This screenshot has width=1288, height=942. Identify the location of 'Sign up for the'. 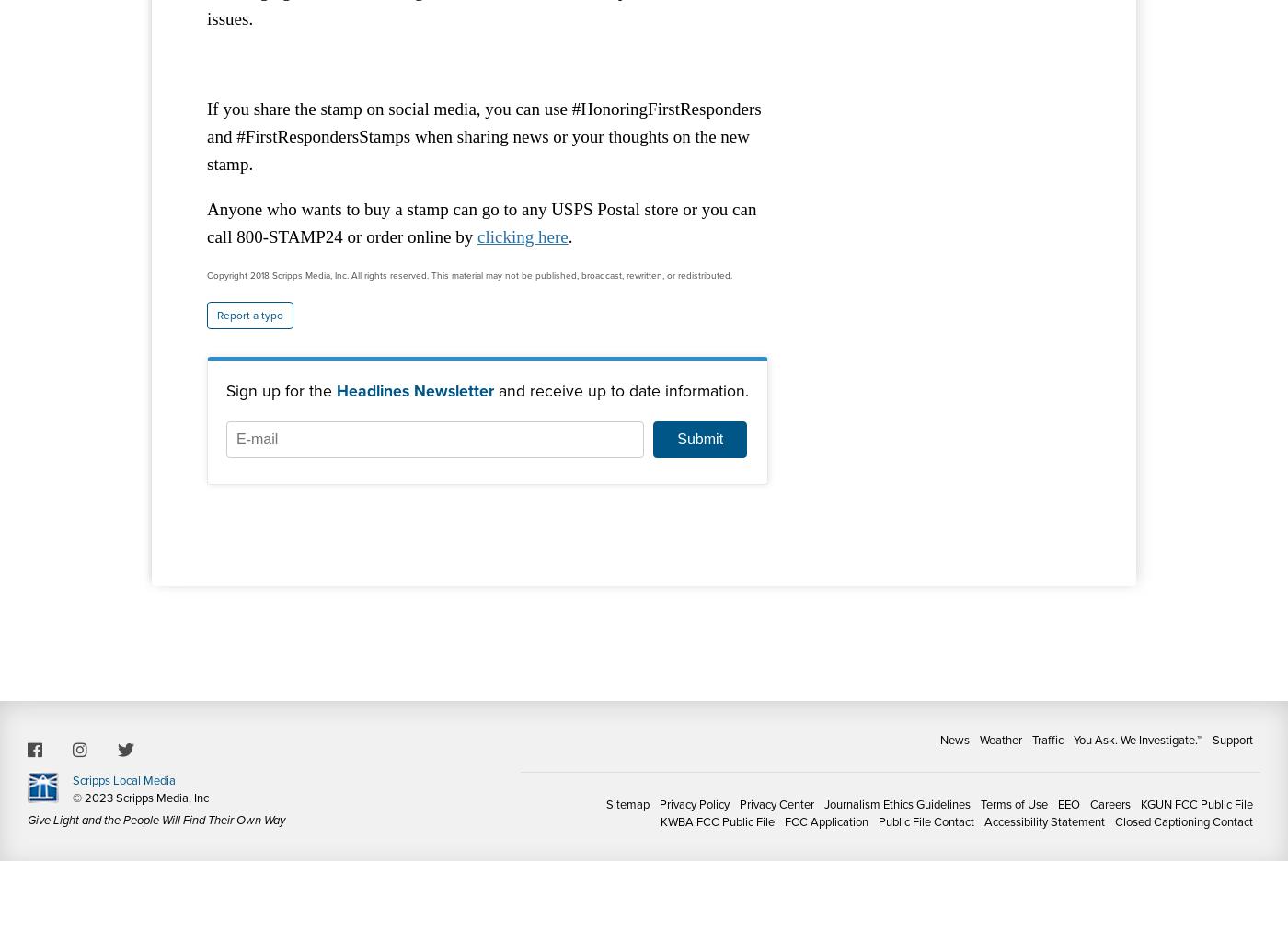
(282, 389).